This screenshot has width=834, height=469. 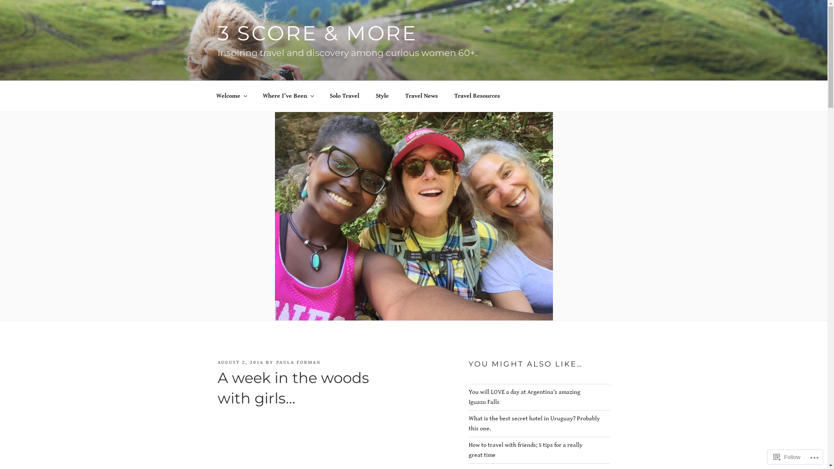 I want to click on 'Welcome', so click(x=231, y=96).